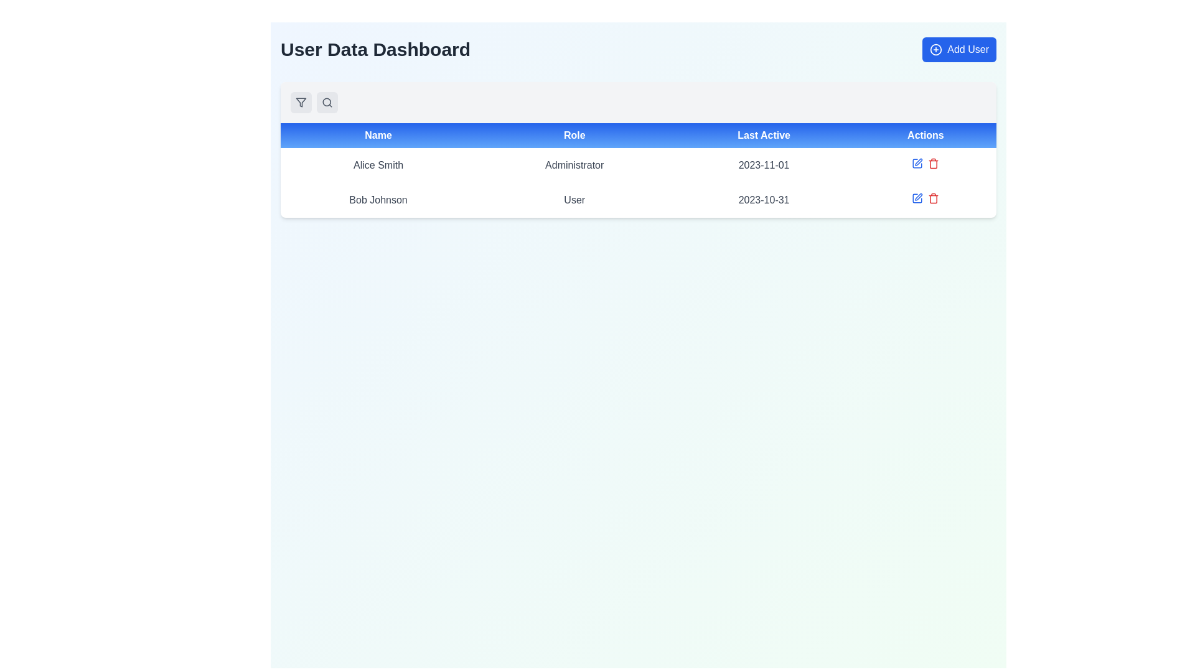  Describe the element at coordinates (301, 102) in the screenshot. I see `the Button with an icon located in the header section, aligned to the left in a toolbar, which triggers a filtering action` at that location.